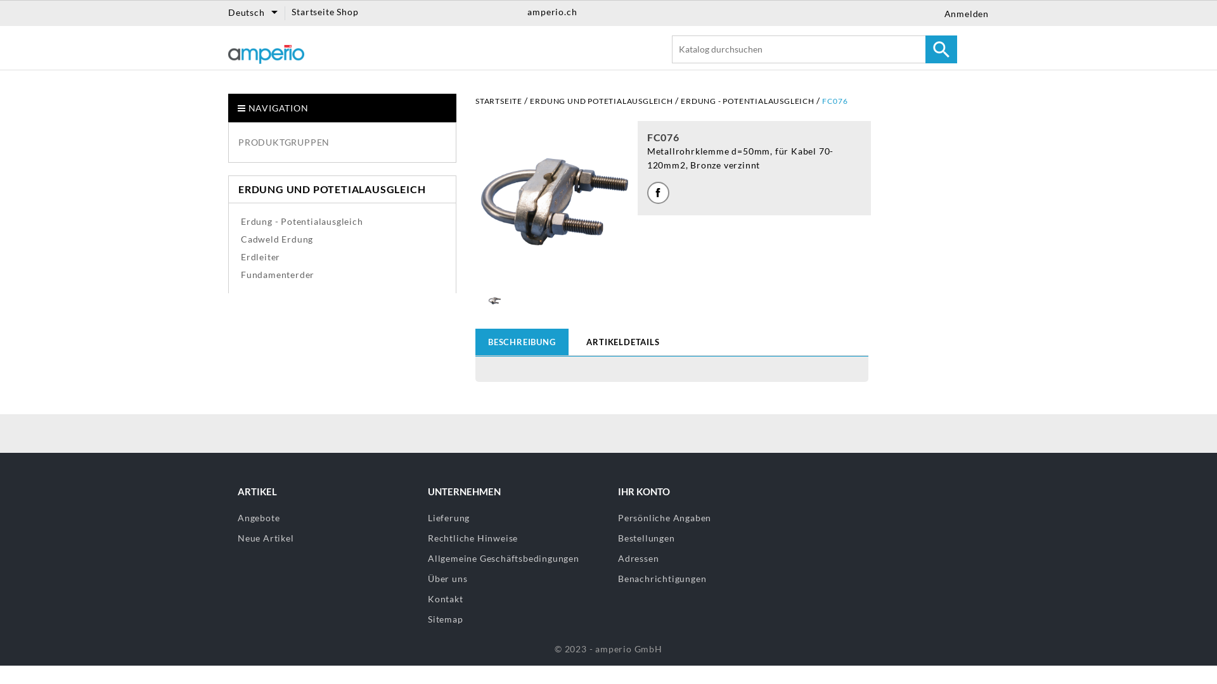 This screenshot has height=684, width=1217. Describe the element at coordinates (551, 11) in the screenshot. I see `'amperio.ch'` at that location.